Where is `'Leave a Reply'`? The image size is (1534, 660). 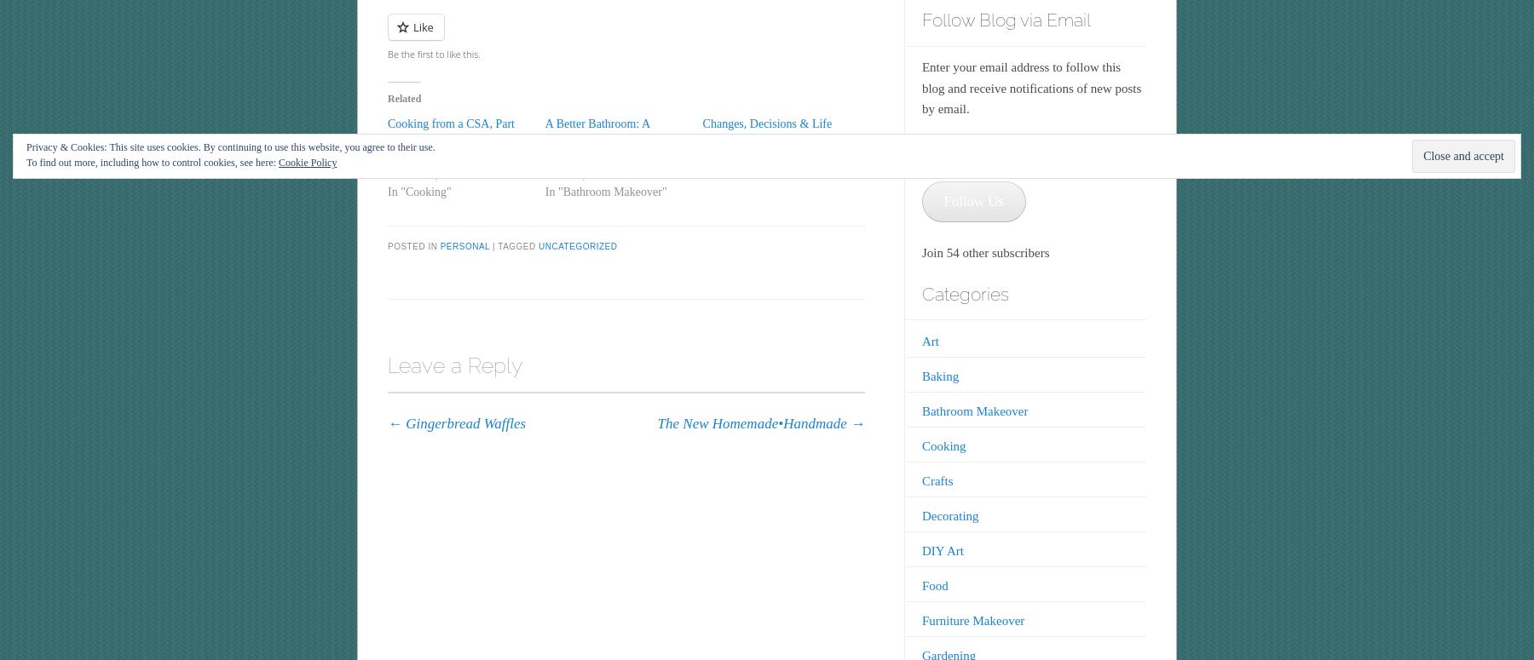
'Leave a Reply' is located at coordinates (454, 364).